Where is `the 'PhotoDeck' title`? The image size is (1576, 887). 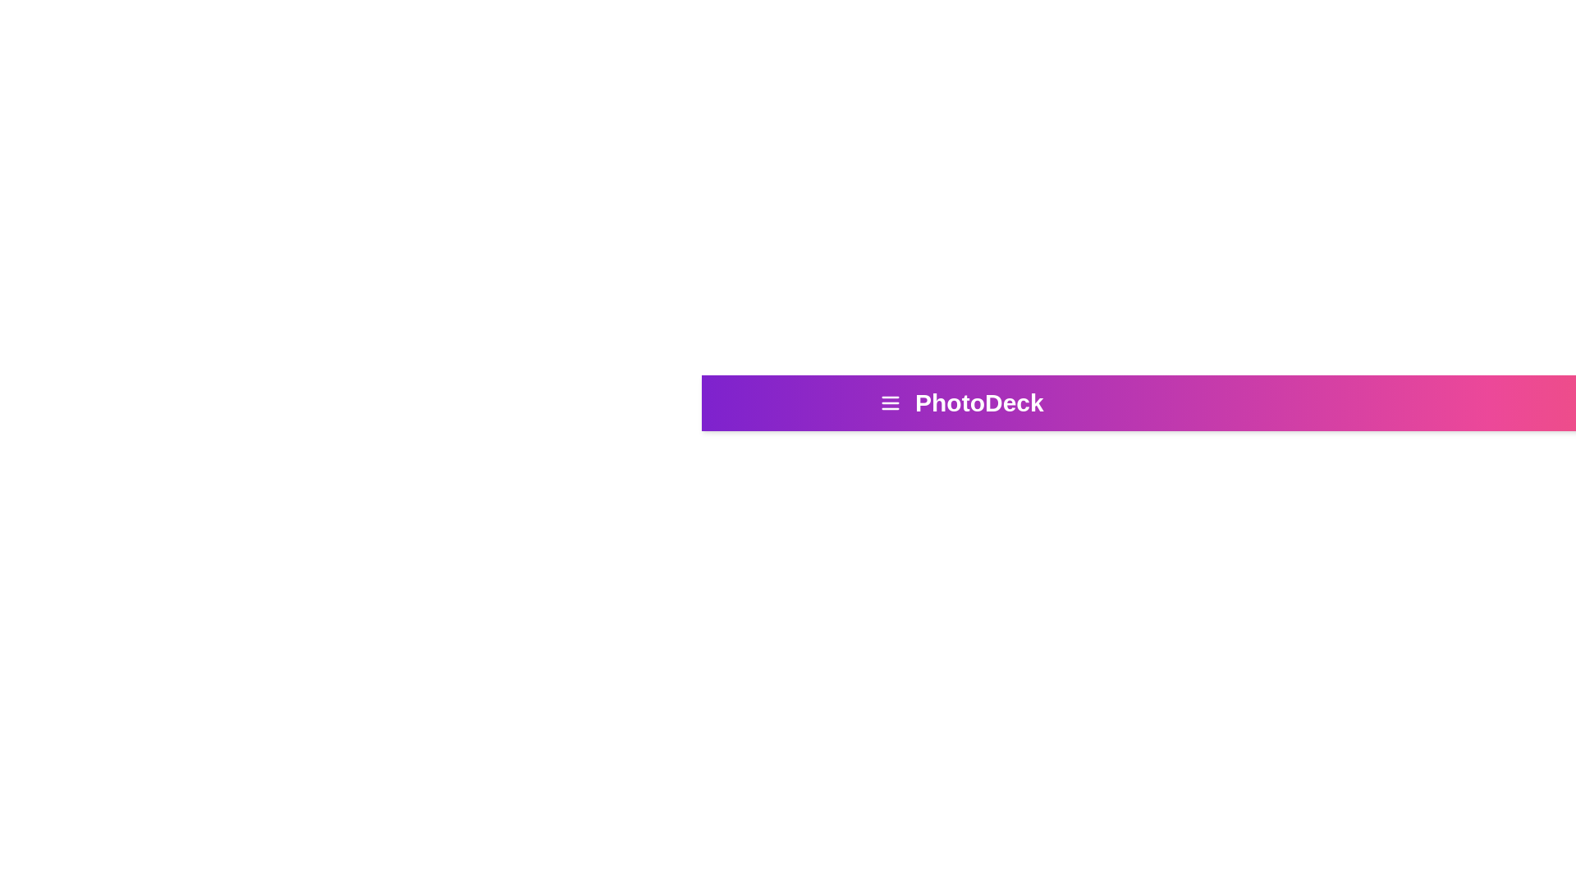
the 'PhotoDeck' title is located at coordinates (979, 402).